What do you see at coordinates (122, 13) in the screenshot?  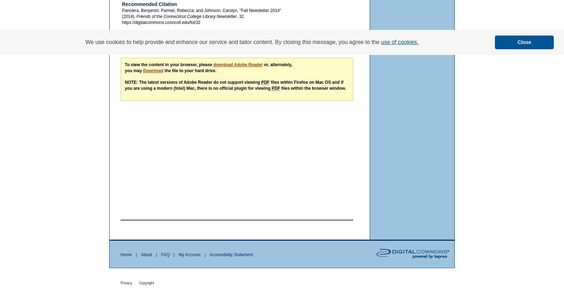 I see `'Panciera, Benjamin; Parmer, Rebecca; and Johnson, Carolyn, "Fall Newsletter 2014" (2014).'` at bounding box center [122, 13].